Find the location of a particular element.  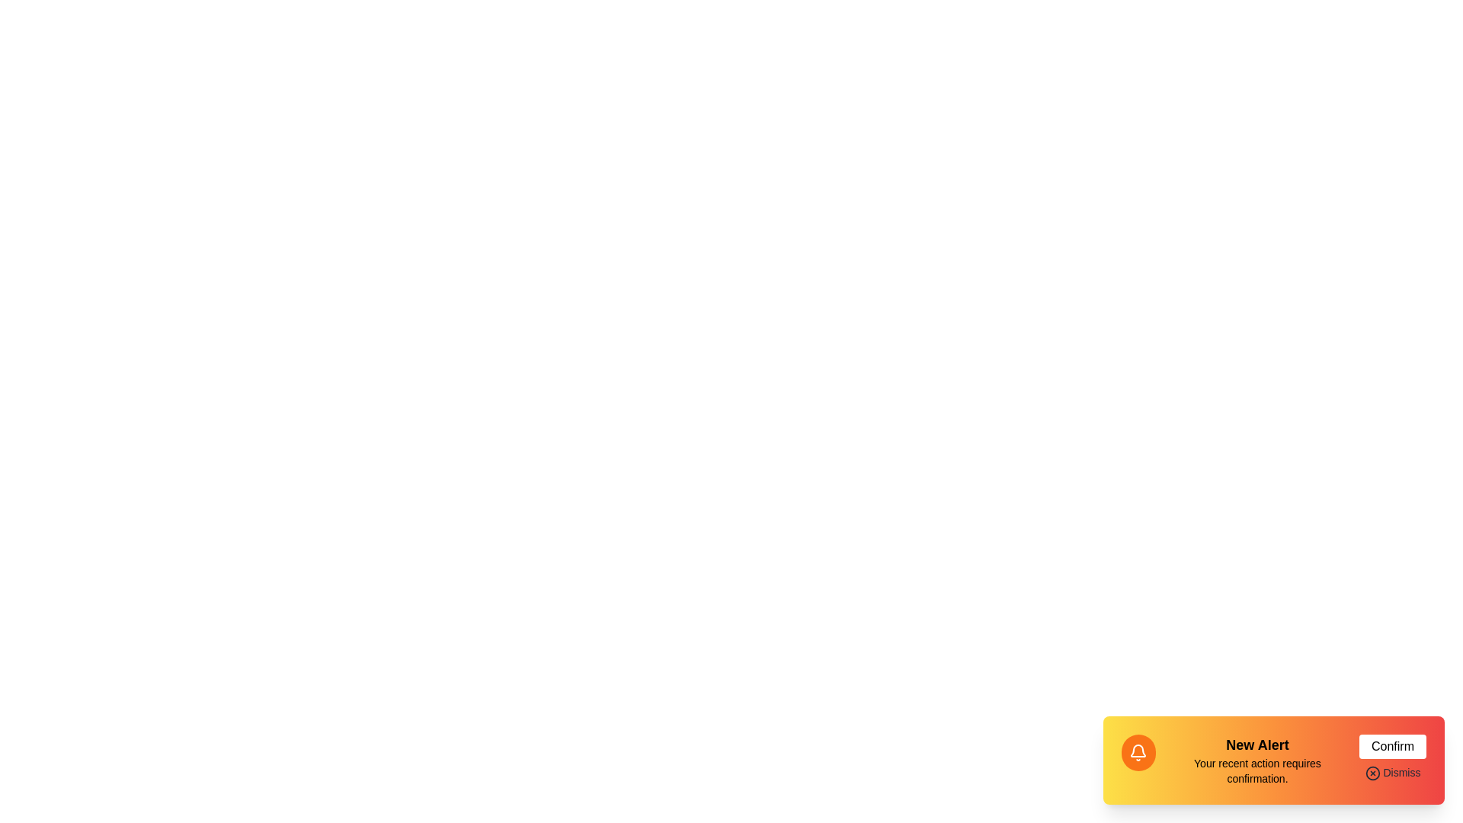

the bell icon to inspect it is located at coordinates (1138, 751).